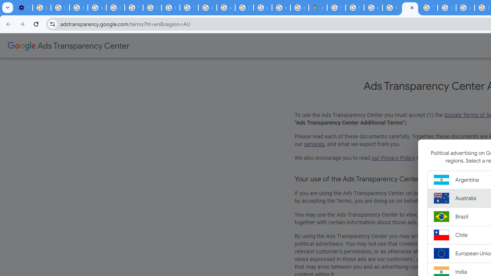 Image resolution: width=491 pixels, height=276 pixels. Describe the element at coordinates (447, 8) in the screenshot. I see `'Blogger Policies and Guidelines - Transparency Center'` at that location.